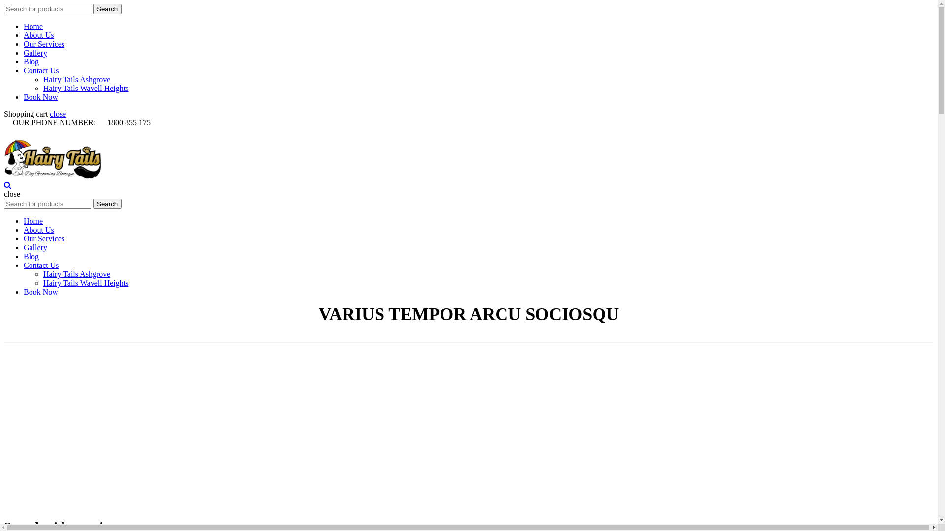  I want to click on 'Search', so click(107, 9).